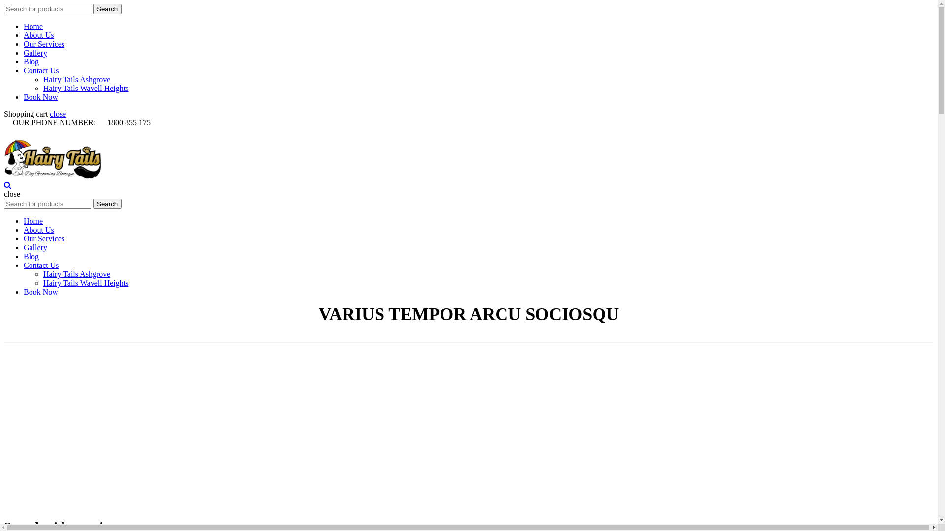  I want to click on 'Search', so click(107, 9).